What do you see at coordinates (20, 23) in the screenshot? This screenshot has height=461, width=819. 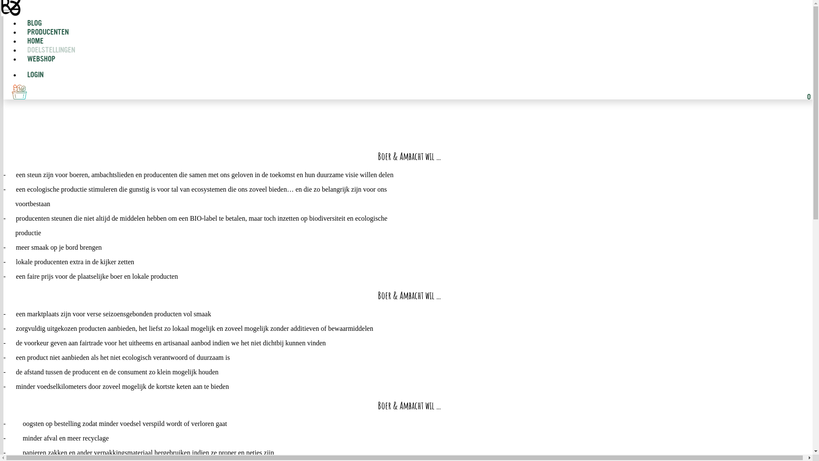 I see `'BLOG'` at bounding box center [20, 23].